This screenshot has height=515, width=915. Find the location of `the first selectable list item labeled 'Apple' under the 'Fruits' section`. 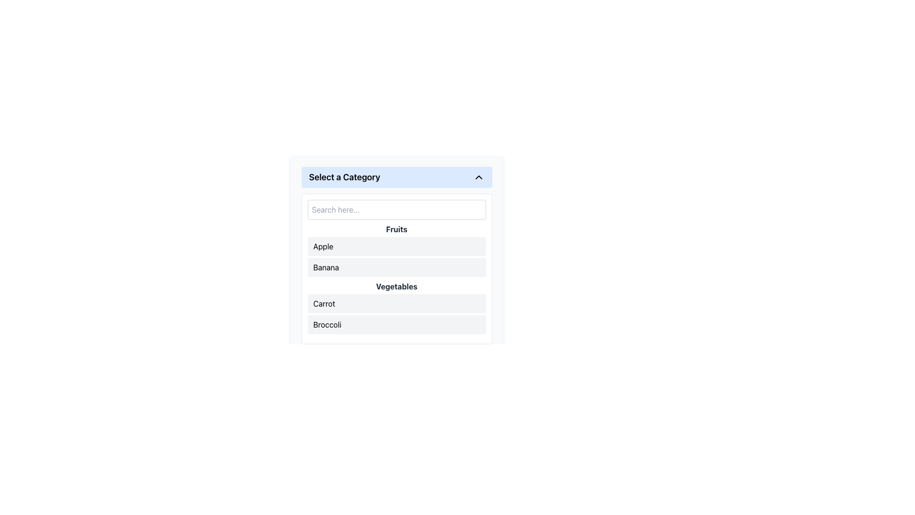

the first selectable list item labeled 'Apple' under the 'Fruits' section is located at coordinates (396, 246).